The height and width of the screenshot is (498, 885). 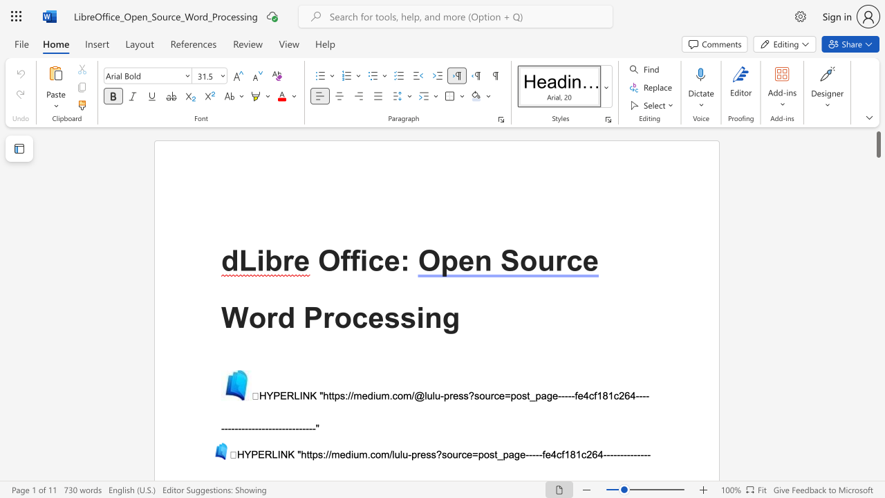 What do you see at coordinates (877, 303) in the screenshot?
I see `the scrollbar to move the page downward` at bounding box center [877, 303].